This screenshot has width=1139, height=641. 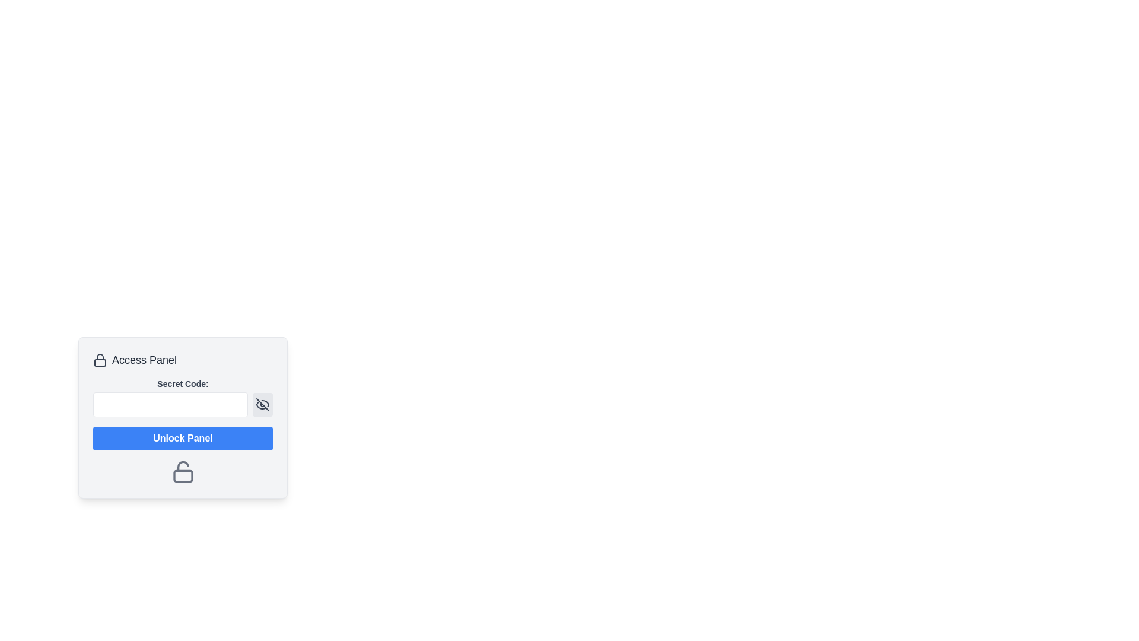 I want to click on the eye icon located inside a rounded gray button to the right of the 'Secret Code' input field, so click(x=262, y=404).